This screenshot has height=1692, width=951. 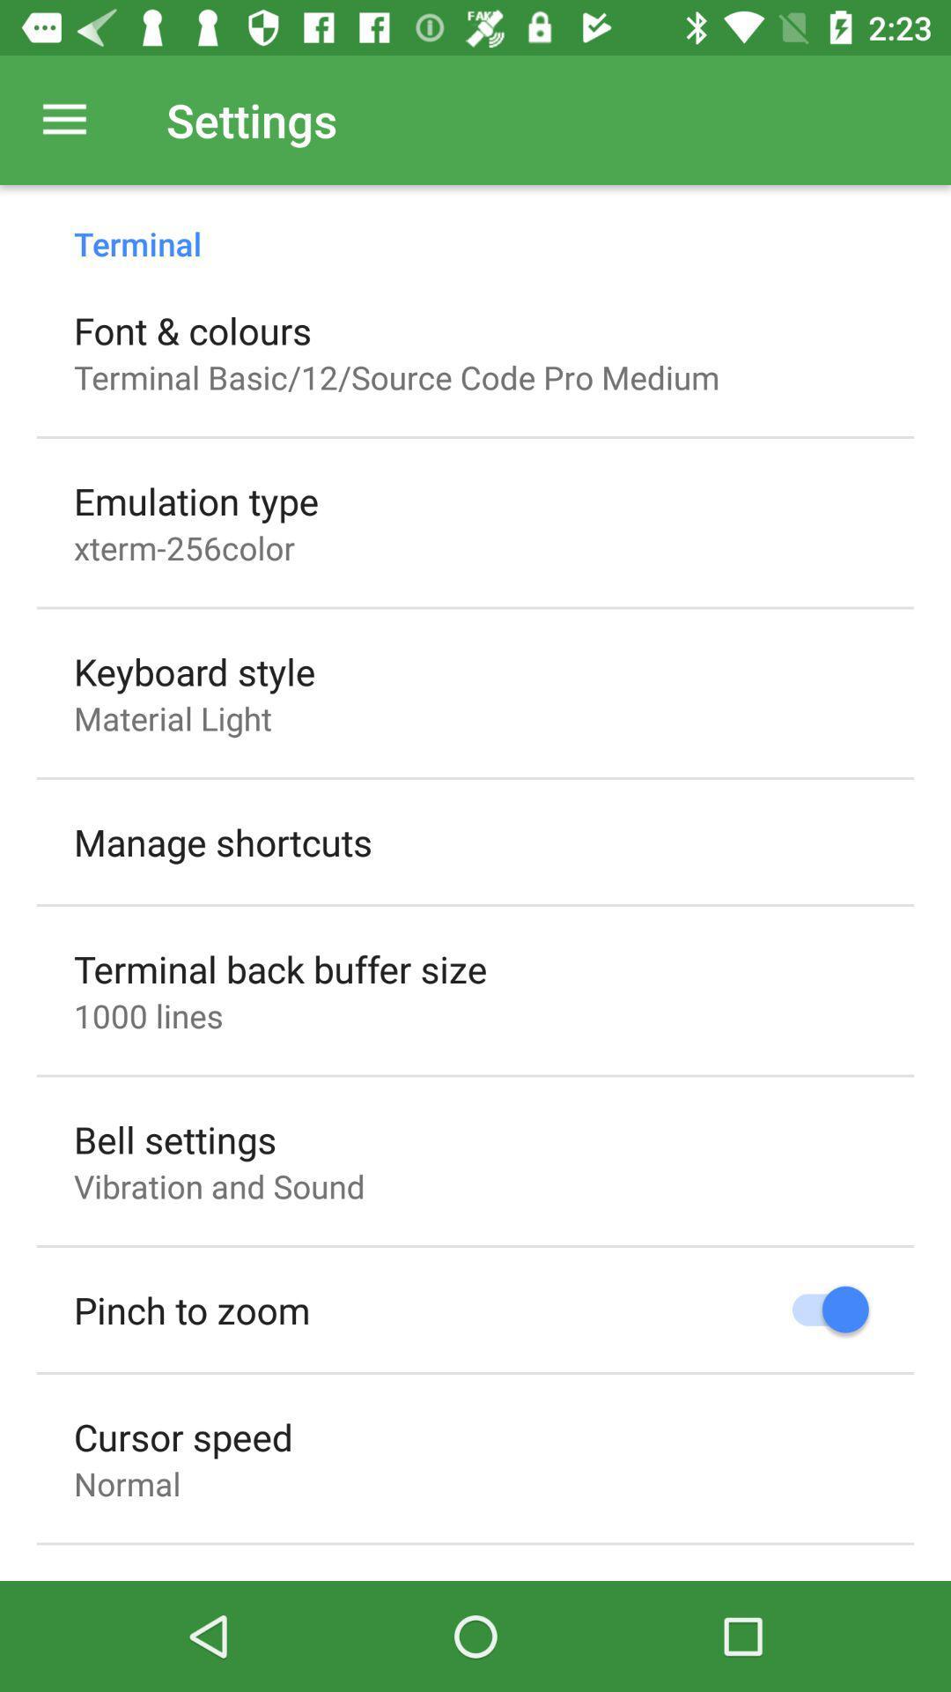 I want to click on item above keyboard style, so click(x=184, y=546).